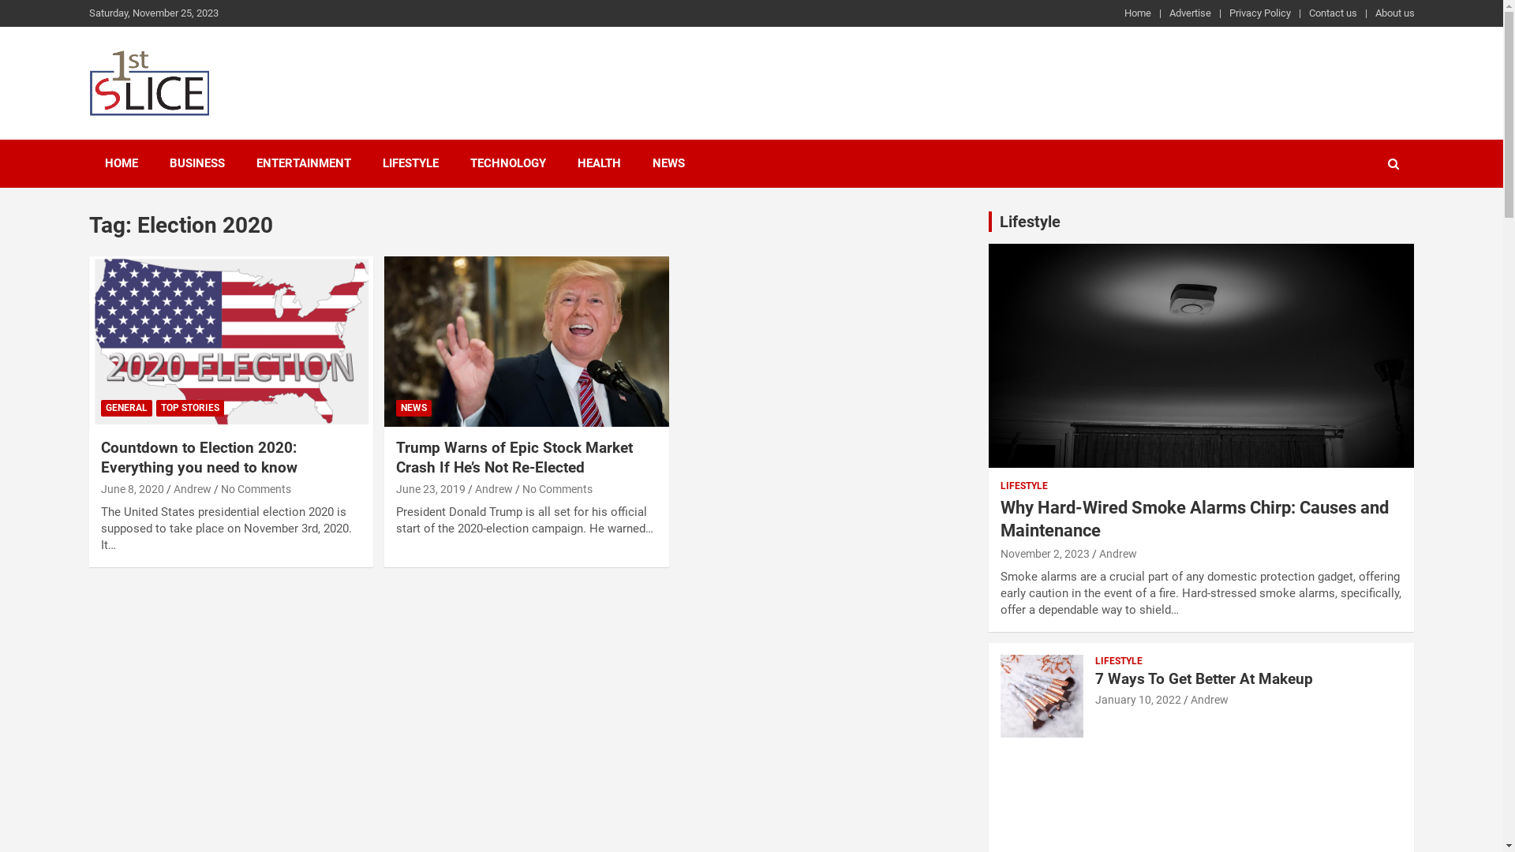  Describe the element at coordinates (1374, 13) in the screenshot. I see `'About us'` at that location.